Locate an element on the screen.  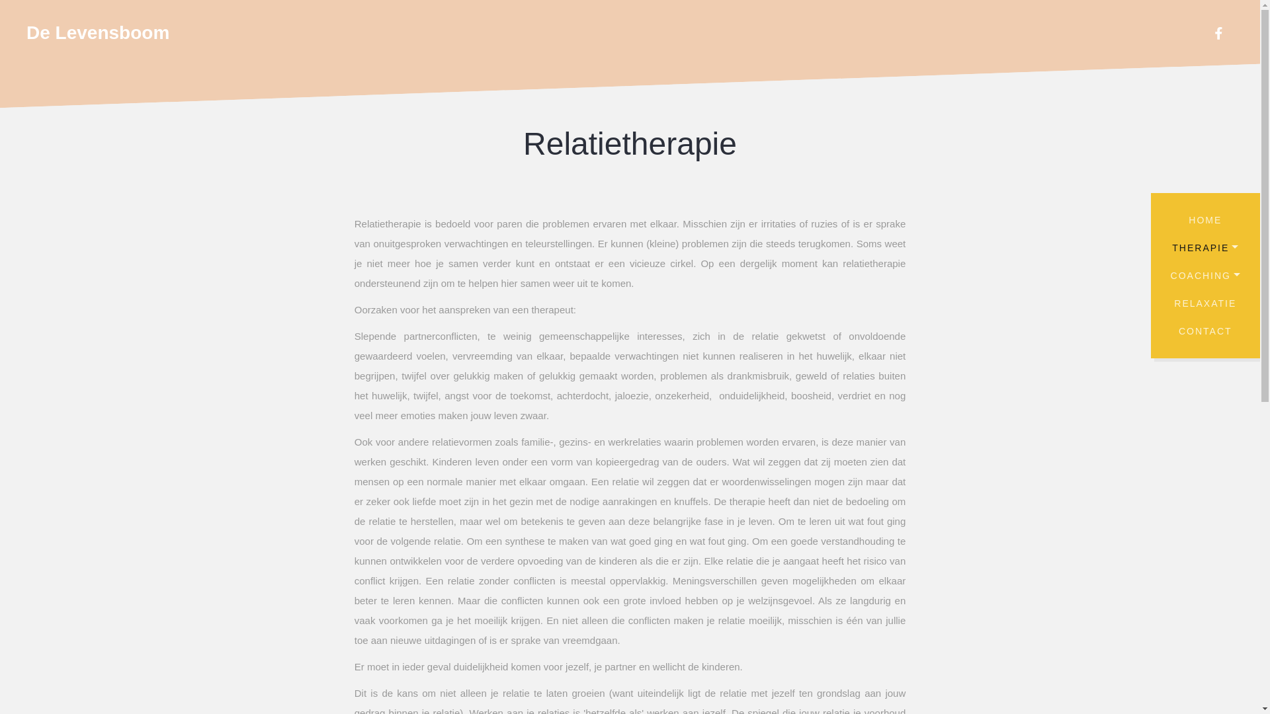
'CONTACT' is located at coordinates (1205, 331).